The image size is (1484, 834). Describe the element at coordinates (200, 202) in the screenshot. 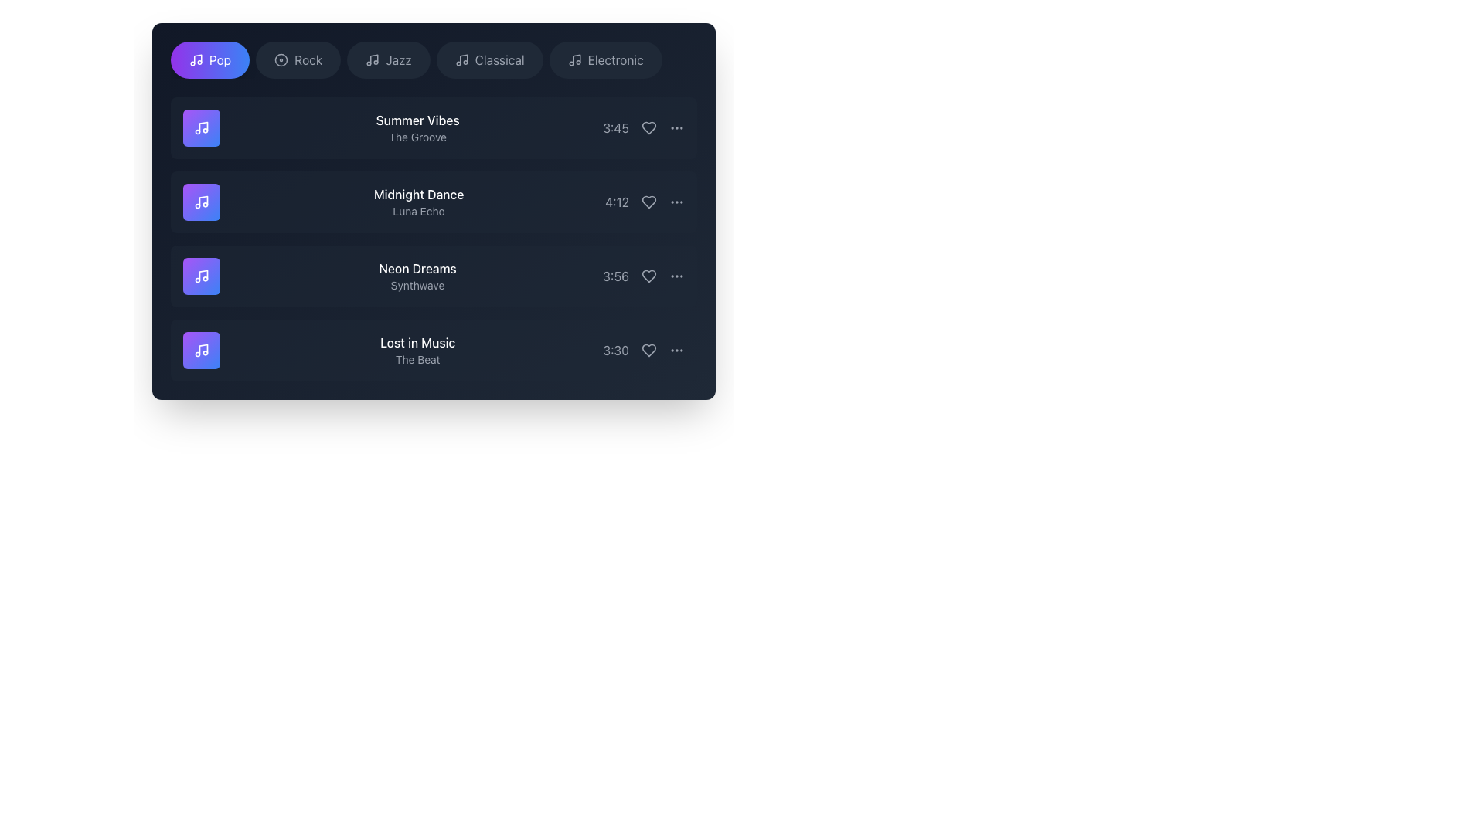

I see `the SVG musical note icon located in the second list item of the music list, which is positioned immediately to the left of the text 'Midnight Dance'` at that location.